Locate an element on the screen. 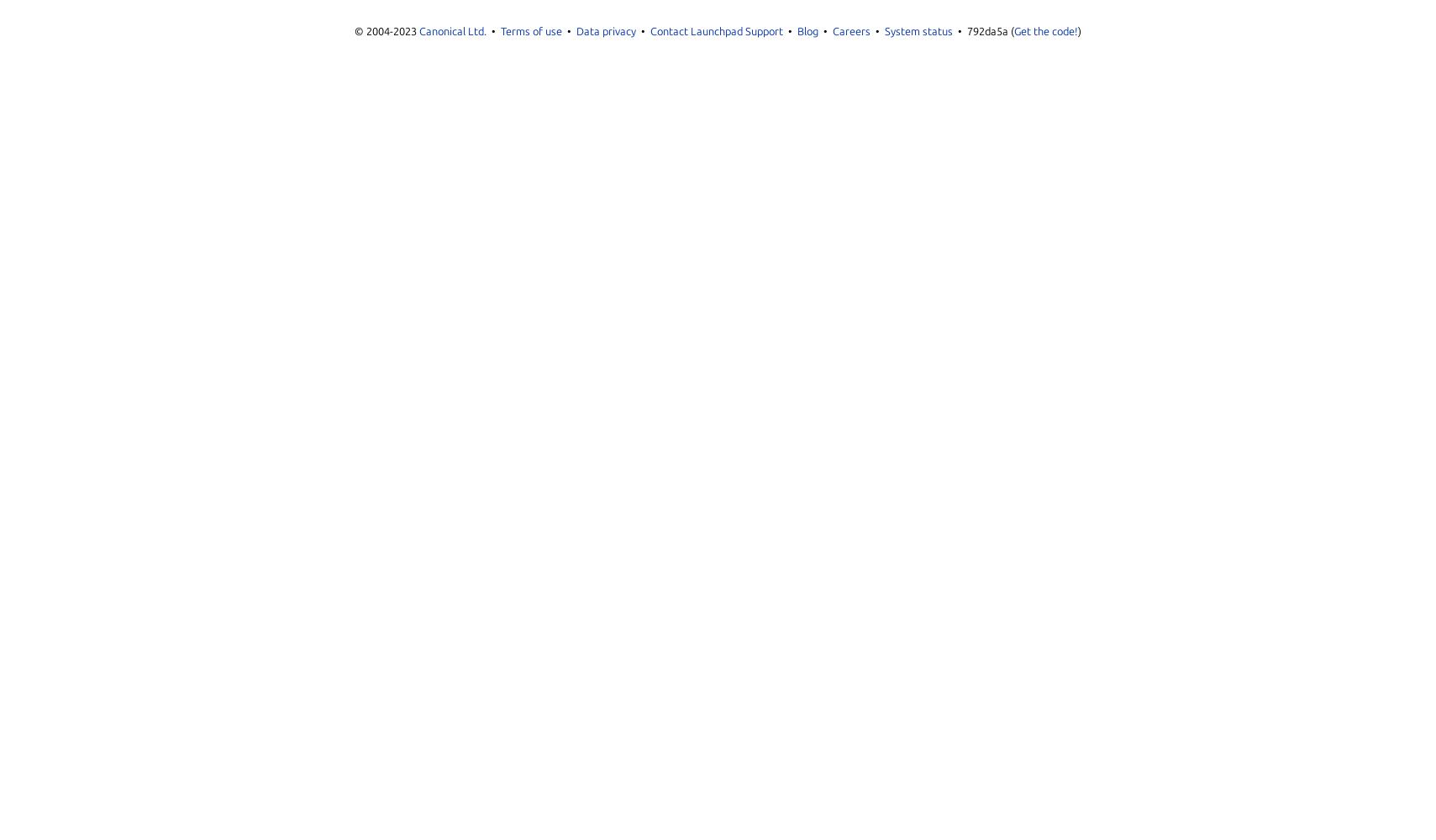 The image size is (1436, 840). 'Get the code!' is located at coordinates (1014, 31).